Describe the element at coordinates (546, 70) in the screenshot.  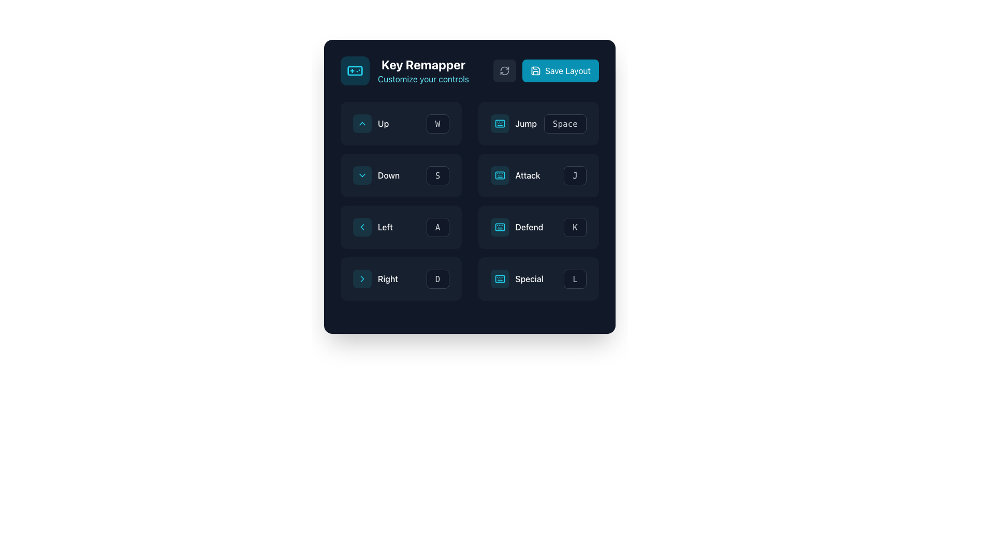
I see `the 'Save Layout' button using keyboard navigation, which is styled with a cyan background and white text, located in the top-right section of the interface` at that location.